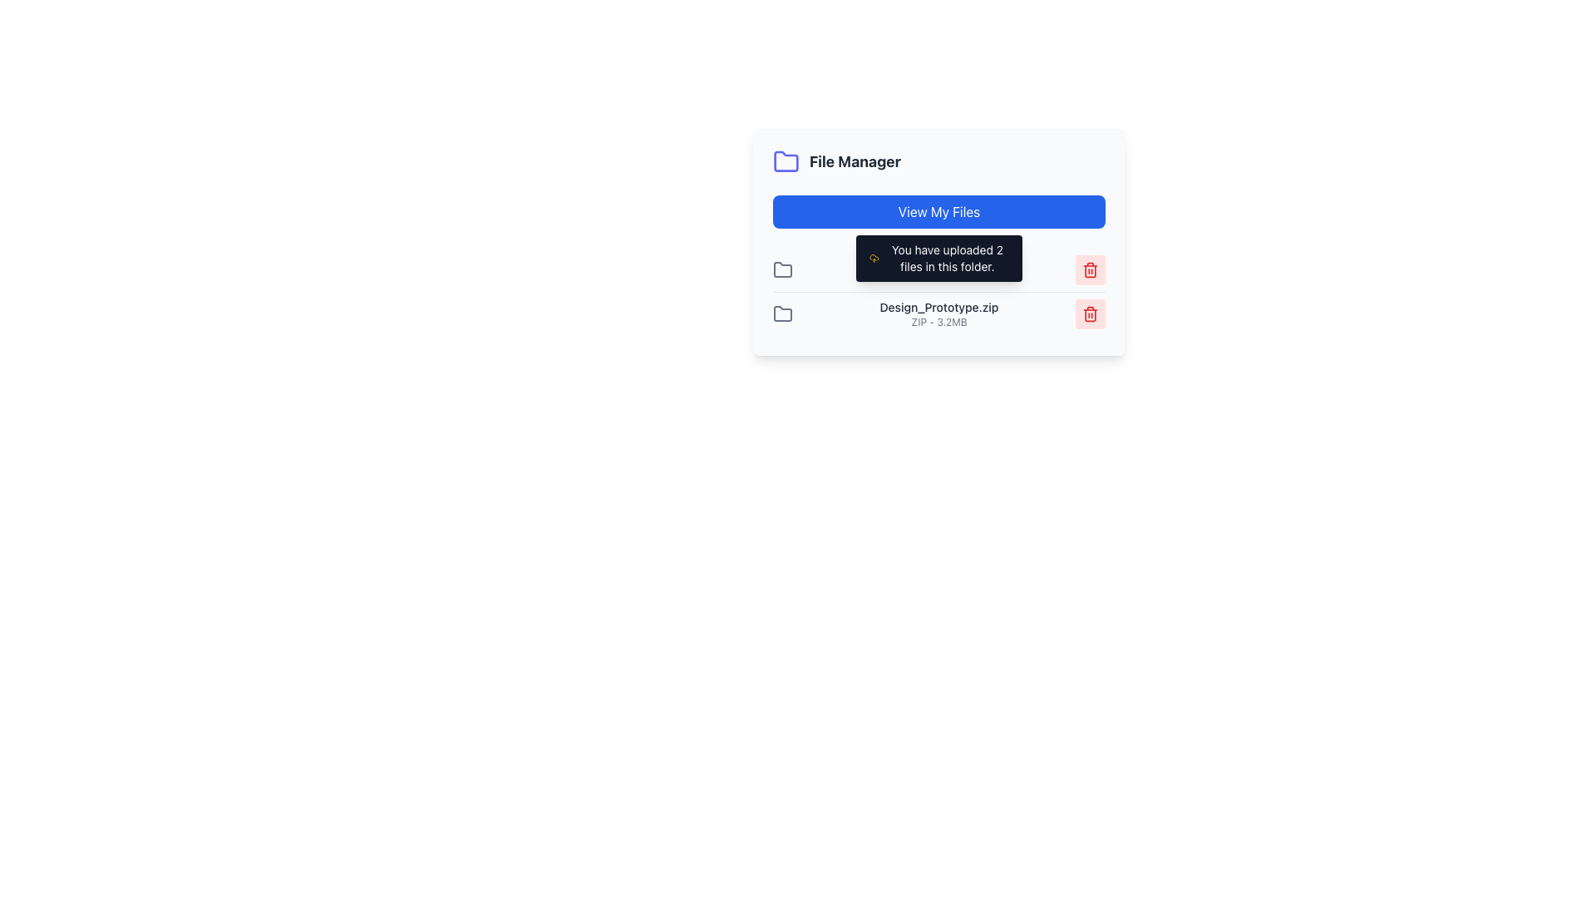 This screenshot has width=1596, height=898. I want to click on the Status Tooltip, which is a tooltip-like message box with a dark gray background displaying the message 'You have uploaded 2 files in this folder.' and a small yellow cloud icon to the left of the text, so click(938, 259).